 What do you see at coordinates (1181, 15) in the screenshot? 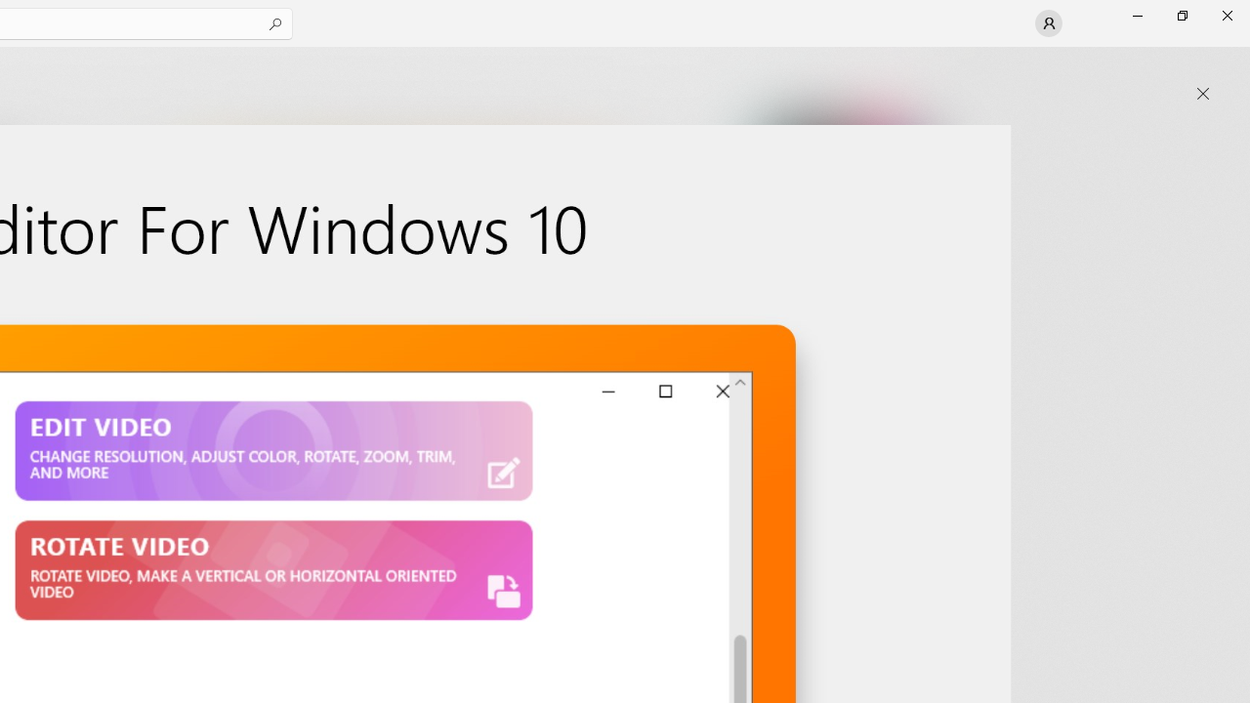
I see `'Restore Microsoft Store'` at bounding box center [1181, 15].